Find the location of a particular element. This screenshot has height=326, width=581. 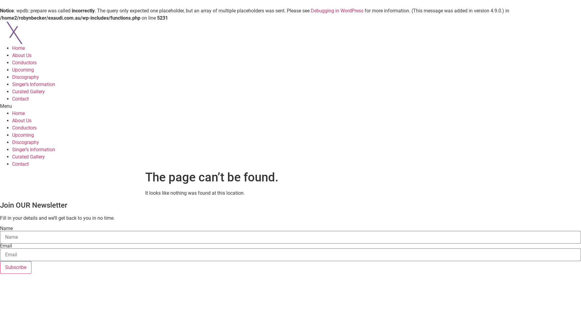

'Discography' is located at coordinates (12, 142).